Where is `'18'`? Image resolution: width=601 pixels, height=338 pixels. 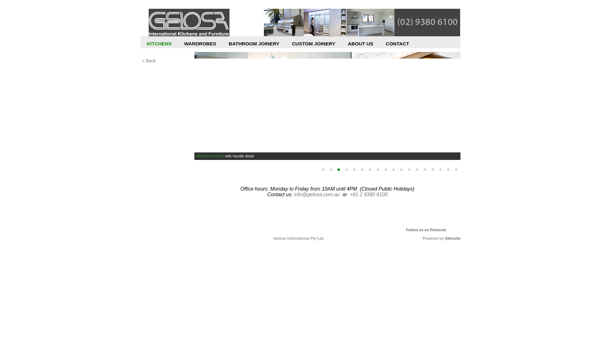 '18' is located at coordinates (456, 170).